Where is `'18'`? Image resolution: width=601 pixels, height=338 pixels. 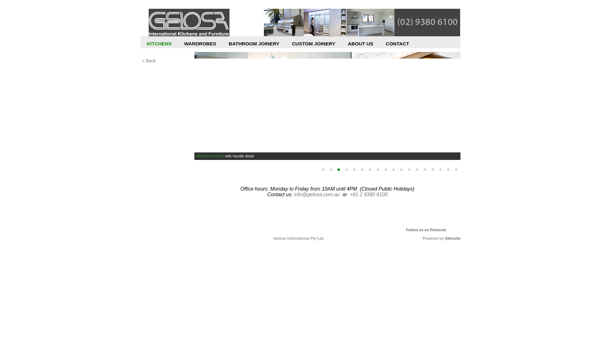 '18' is located at coordinates (456, 170).